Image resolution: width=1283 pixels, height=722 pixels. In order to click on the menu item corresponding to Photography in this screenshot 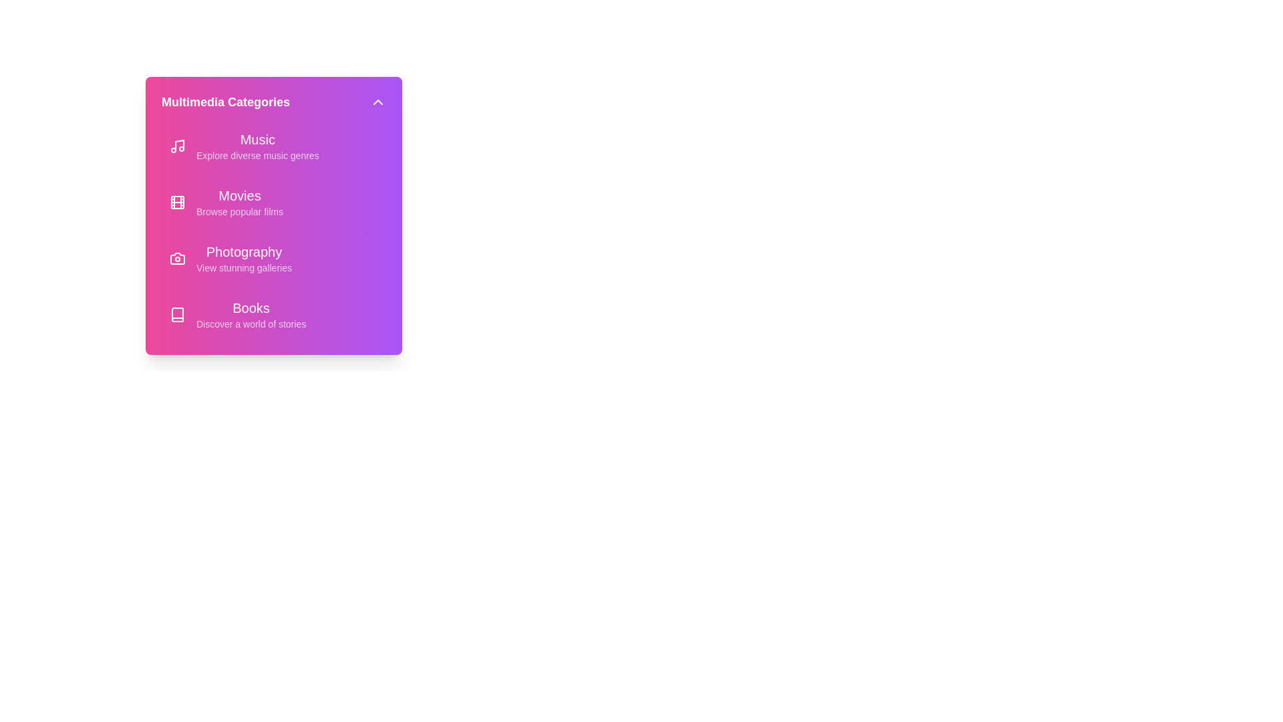, I will do `click(273, 258)`.